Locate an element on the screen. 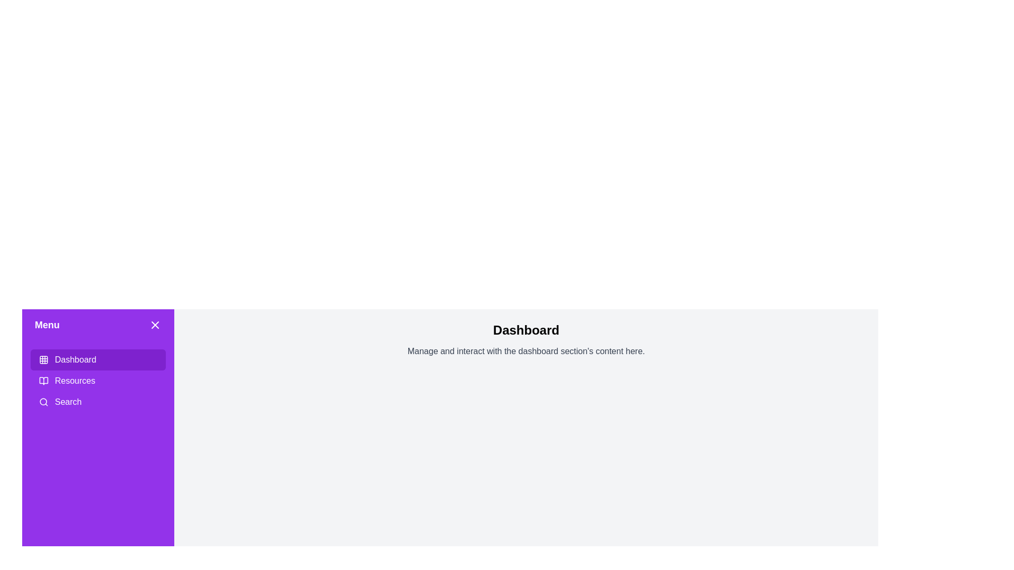 The image size is (1014, 570). the button located in the left-hand sidebar, below the 'Resources' button is located at coordinates (98, 402).